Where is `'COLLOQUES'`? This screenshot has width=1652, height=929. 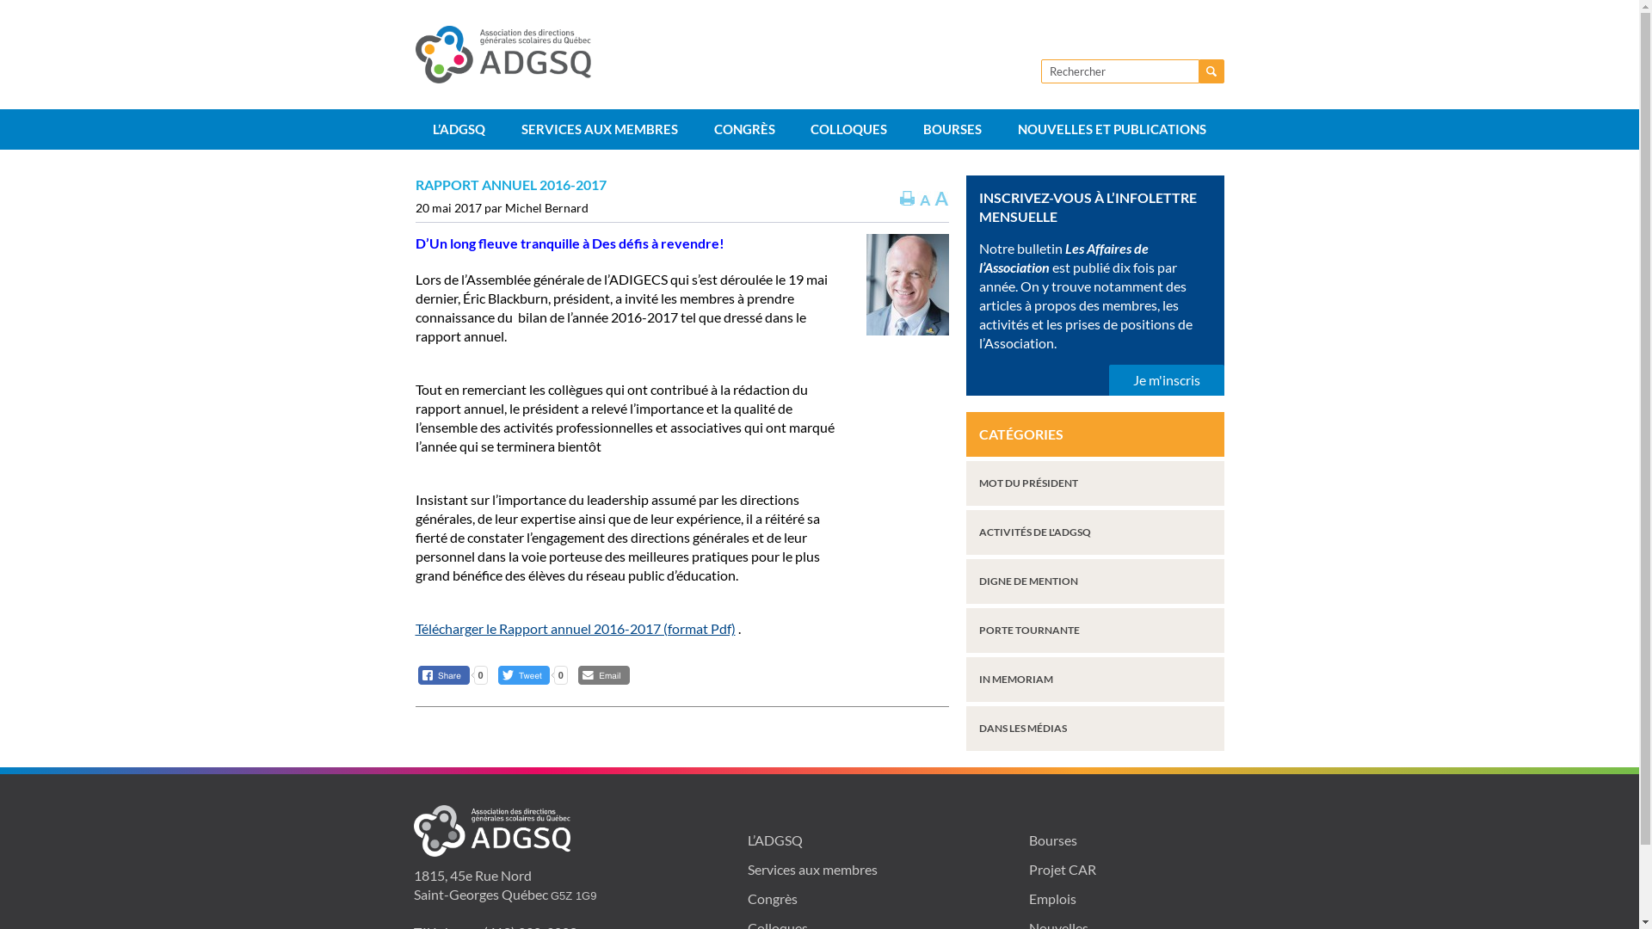 'COLLOQUES' is located at coordinates (849, 128).